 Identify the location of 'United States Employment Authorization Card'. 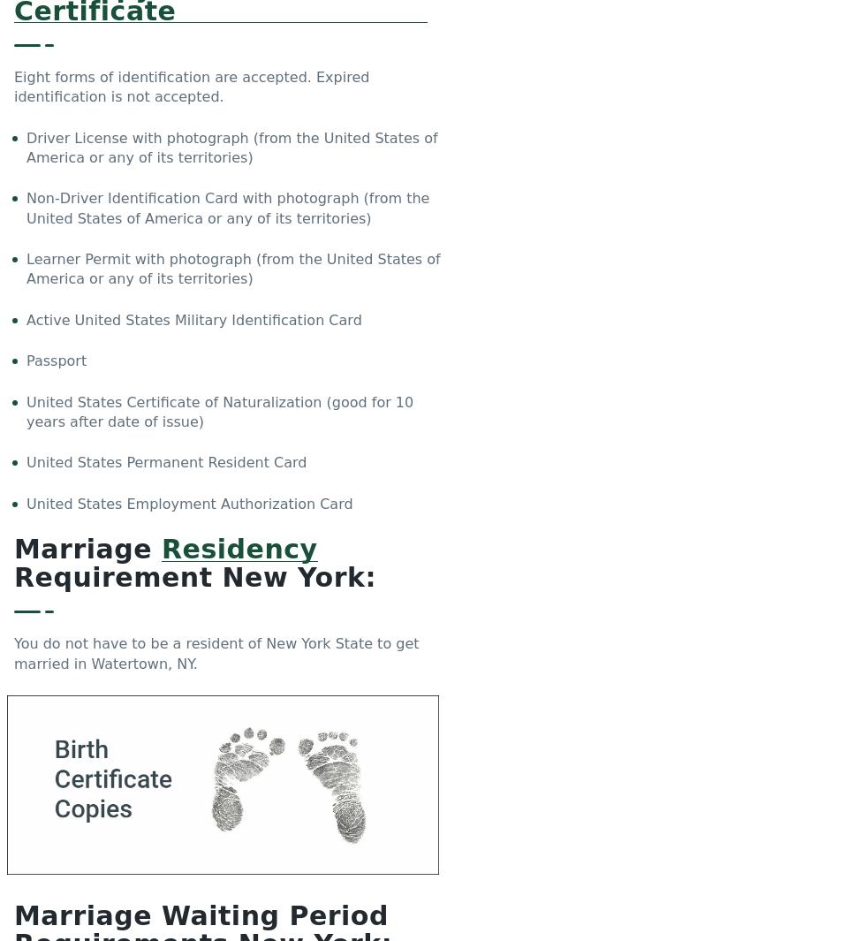
(189, 503).